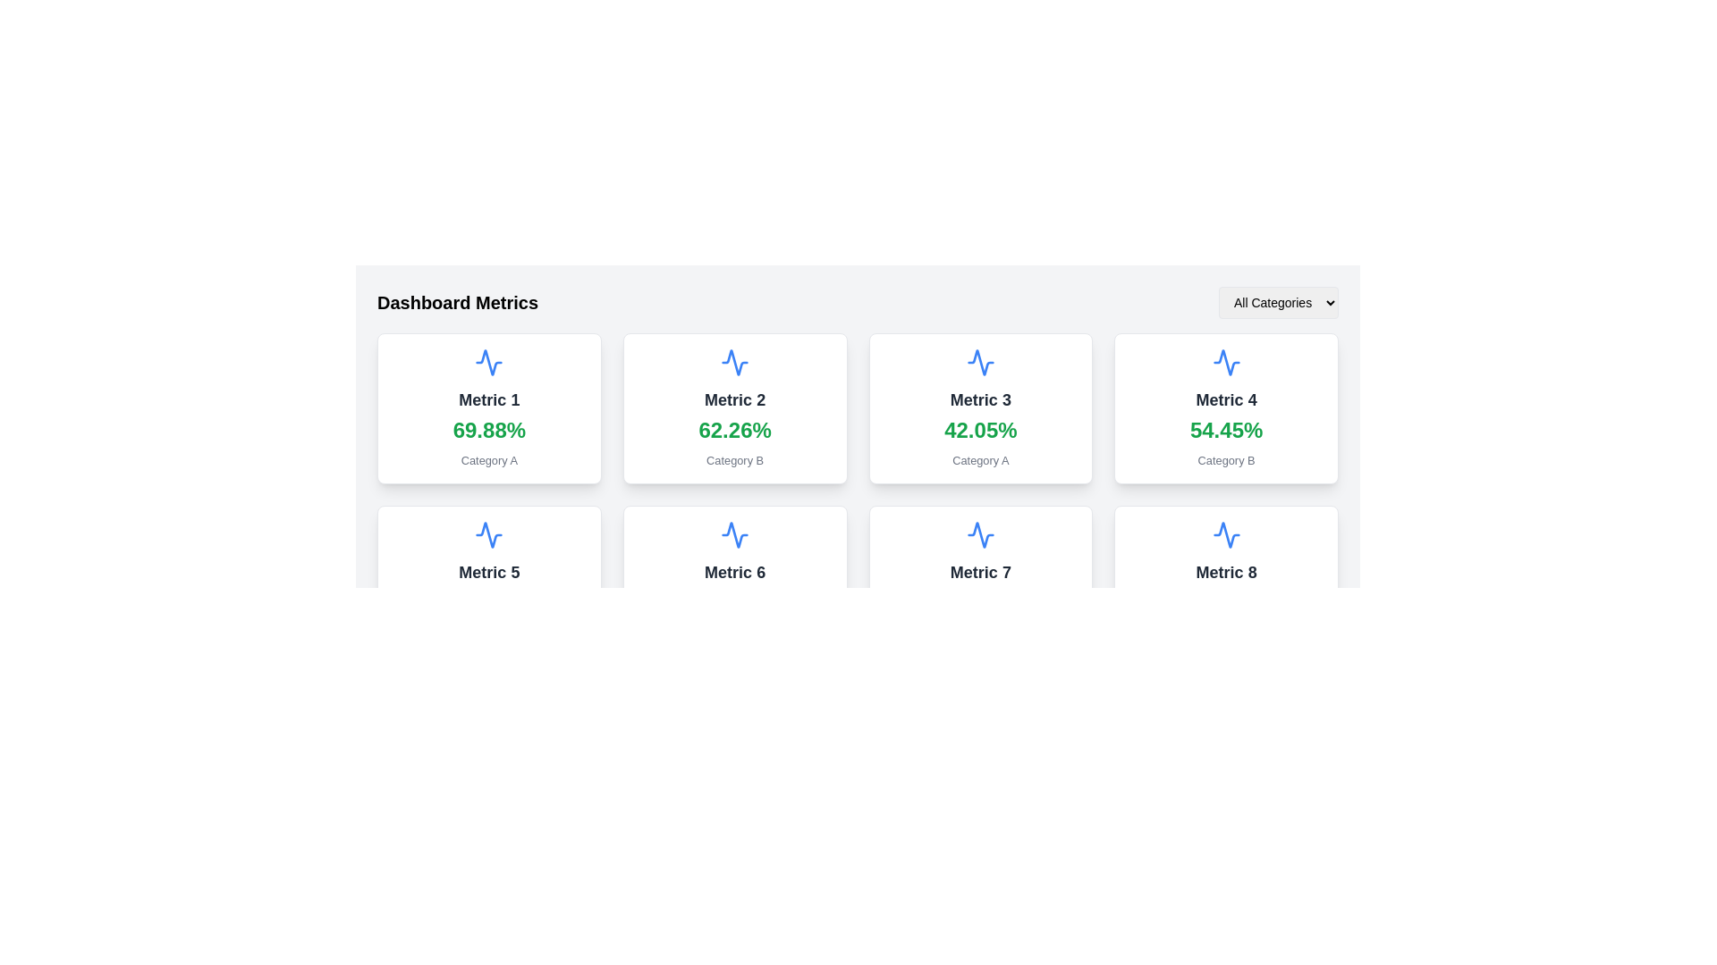  Describe the element at coordinates (735, 408) in the screenshot. I see `displayed information from the 'Metric 2' card, which is the second card in the first row of the grid layout` at that location.